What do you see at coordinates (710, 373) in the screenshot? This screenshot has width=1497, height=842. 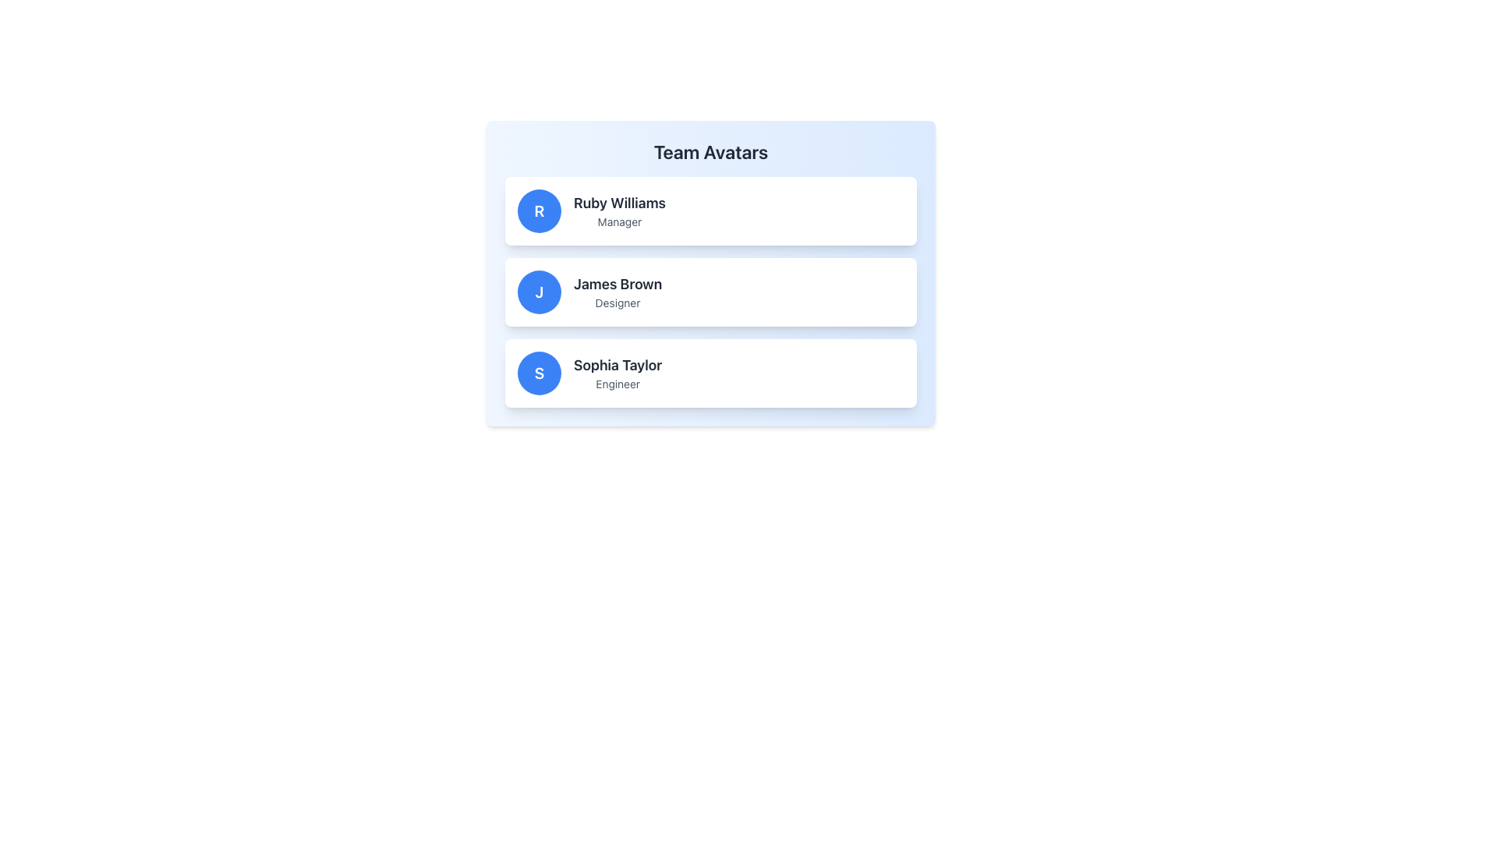 I see `the User Profile Card displaying the user's name, title, and avatar, located as the third card in the vertical grid layout beneath 'Team Avatars'` at bounding box center [710, 373].